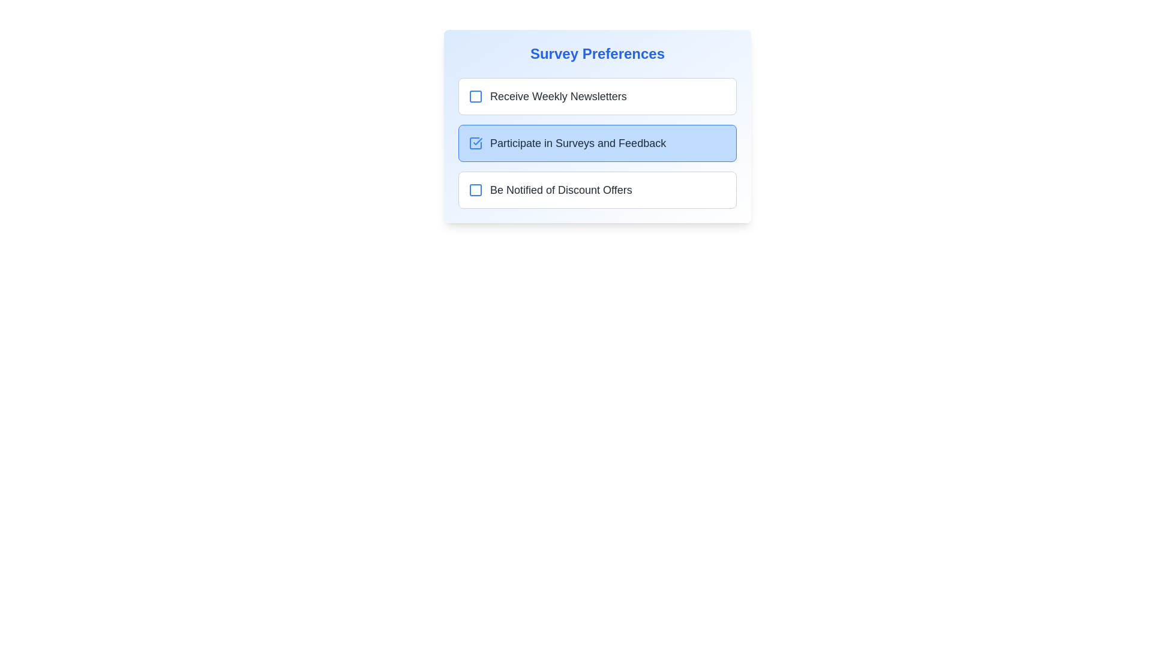  I want to click on the checkbox for notifications about discount offers, which is the third option under 'Survey Preferences.', so click(598, 189).